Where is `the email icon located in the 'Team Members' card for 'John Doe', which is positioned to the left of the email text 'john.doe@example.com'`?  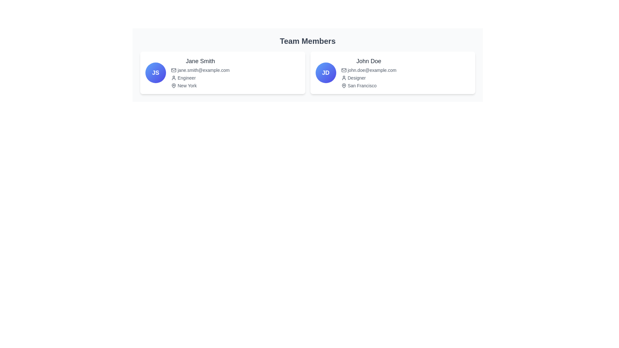
the email icon located in the 'Team Members' card for 'John Doe', which is positioned to the left of the email text 'john.doe@example.com' is located at coordinates (343, 70).